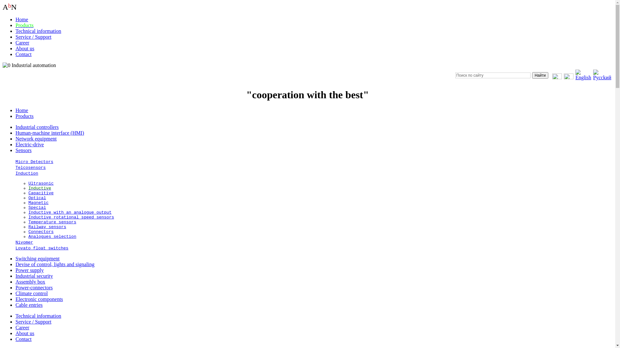 The width and height of the screenshot is (620, 348). What do you see at coordinates (30, 167) in the screenshot?
I see `'Telcosensors'` at bounding box center [30, 167].